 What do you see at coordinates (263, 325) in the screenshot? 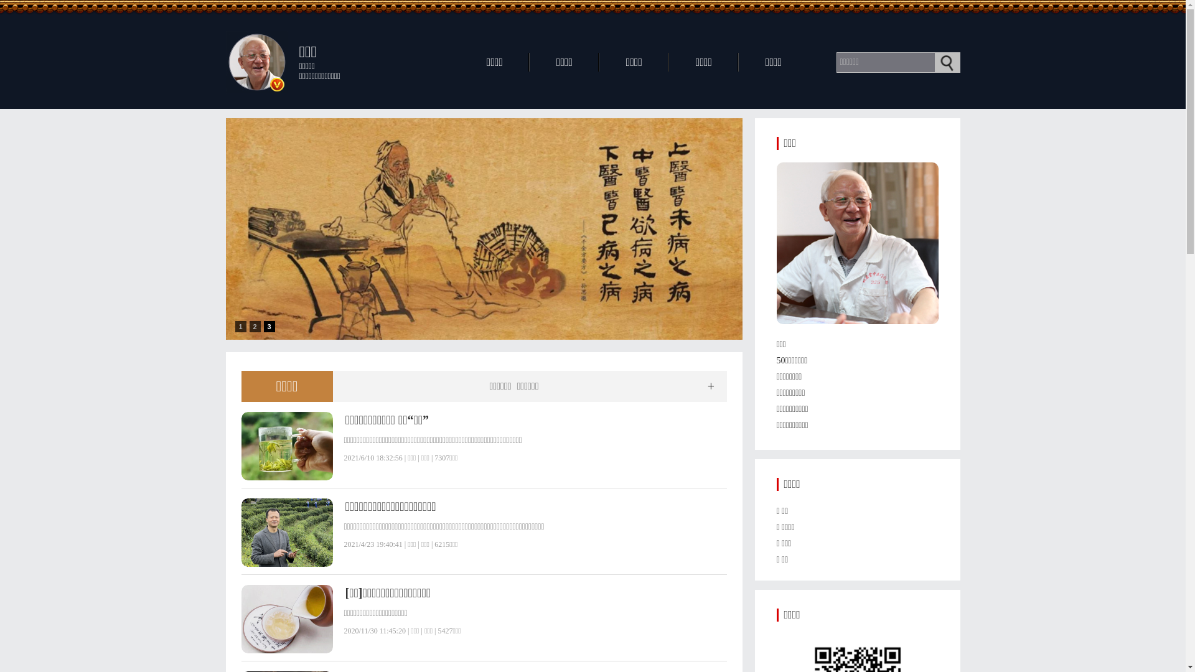
I see `'3'` at bounding box center [263, 325].